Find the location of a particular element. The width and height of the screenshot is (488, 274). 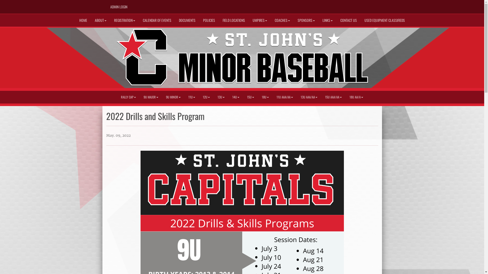

'RALLY CAP' is located at coordinates (128, 97).